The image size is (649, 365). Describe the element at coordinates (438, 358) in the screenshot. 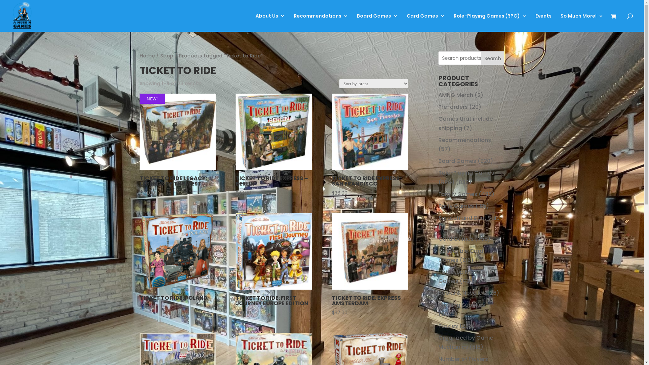

I see `'Number of Players'` at that location.